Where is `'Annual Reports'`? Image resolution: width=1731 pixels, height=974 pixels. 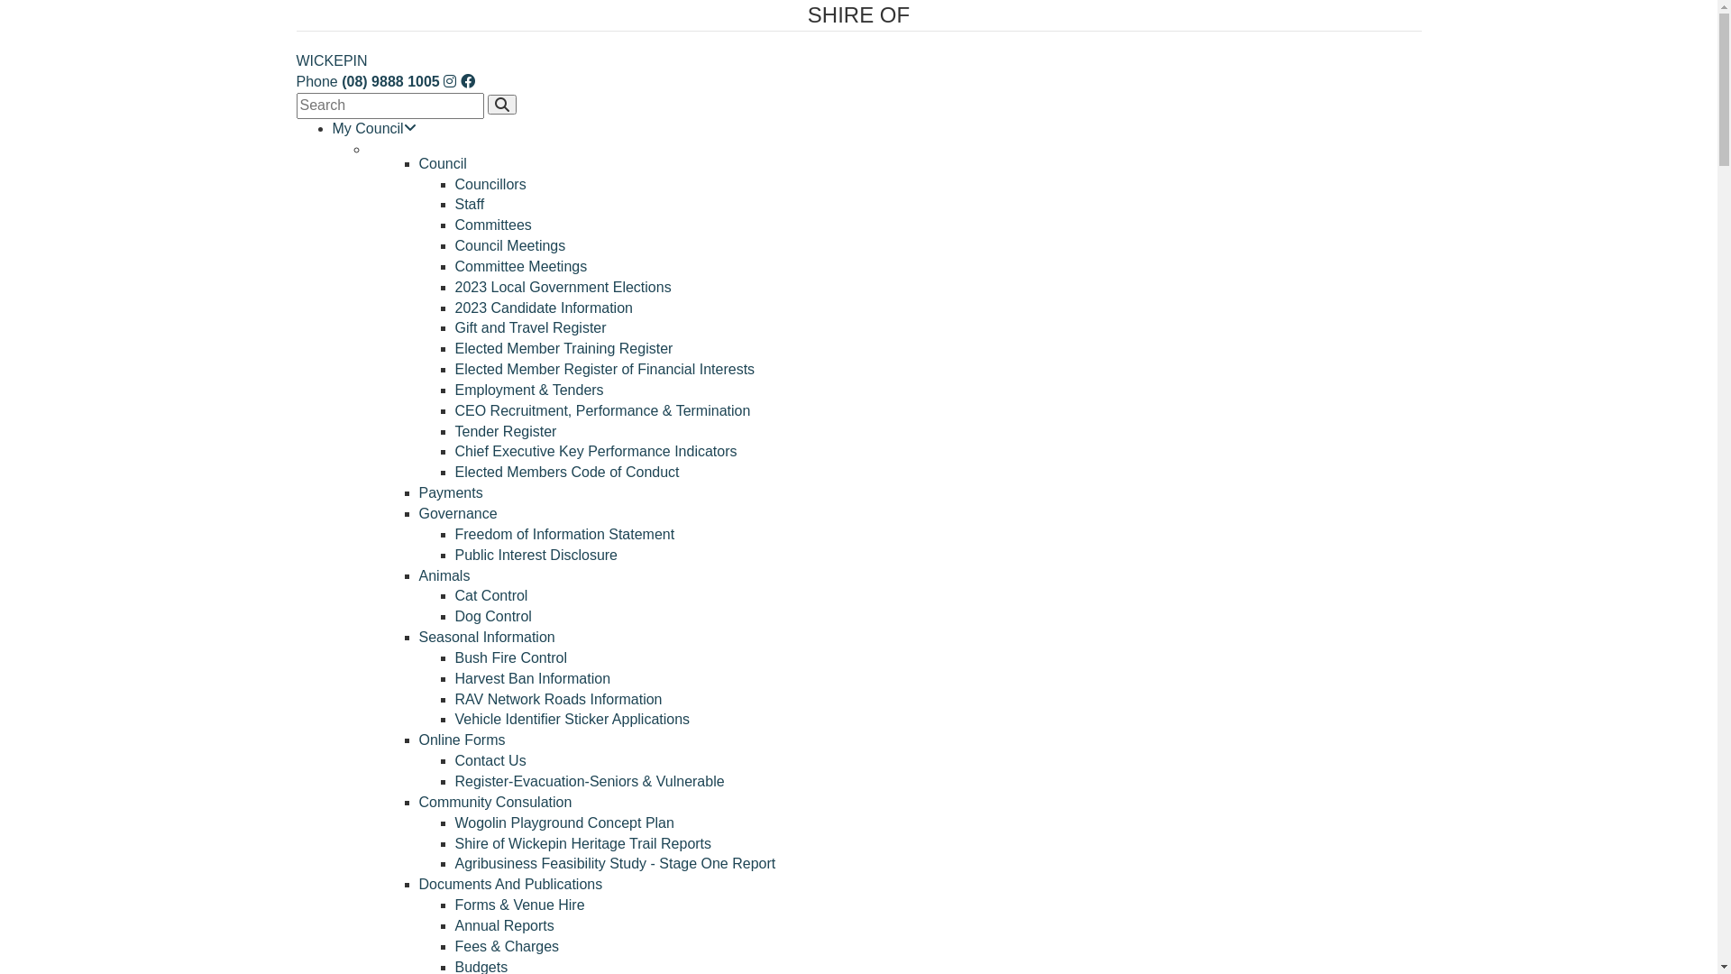 'Annual Reports' is located at coordinates (454, 925).